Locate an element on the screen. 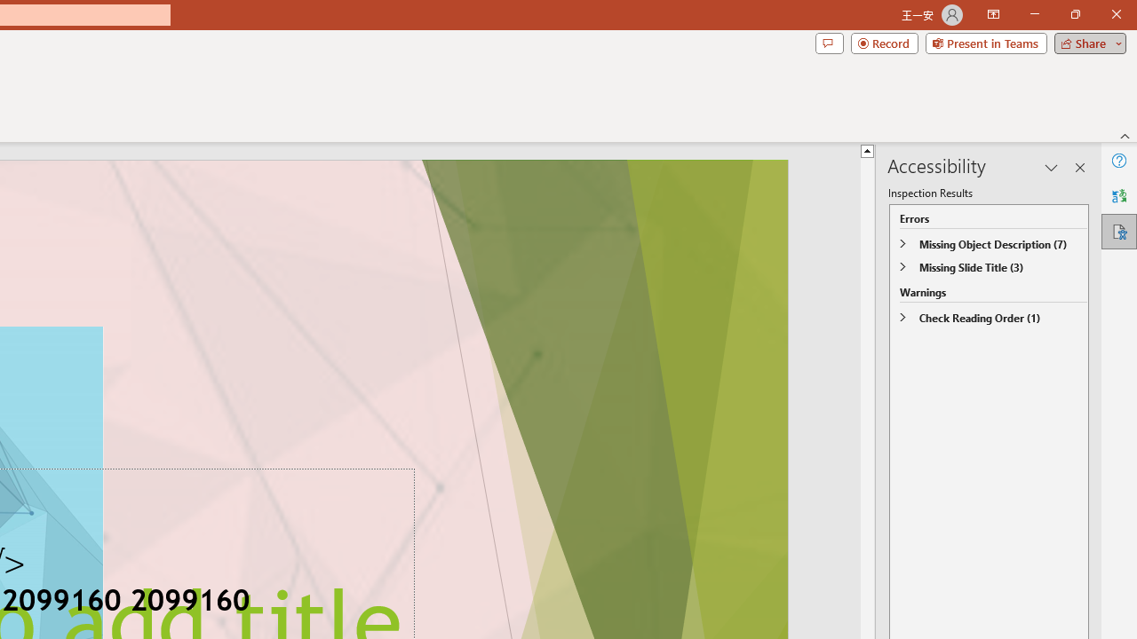  'Minimize' is located at coordinates (1034, 14).